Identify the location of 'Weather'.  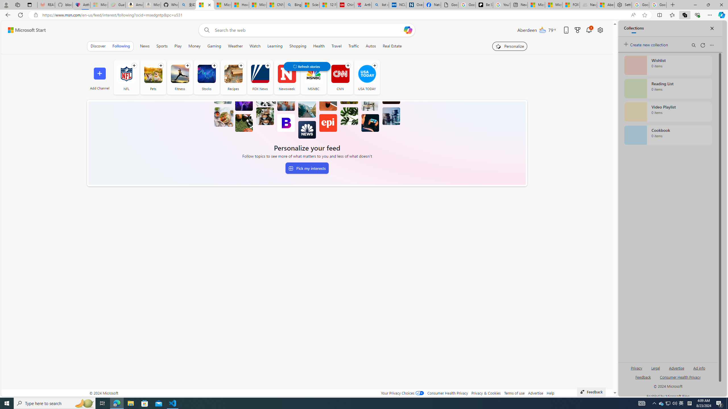
(235, 46).